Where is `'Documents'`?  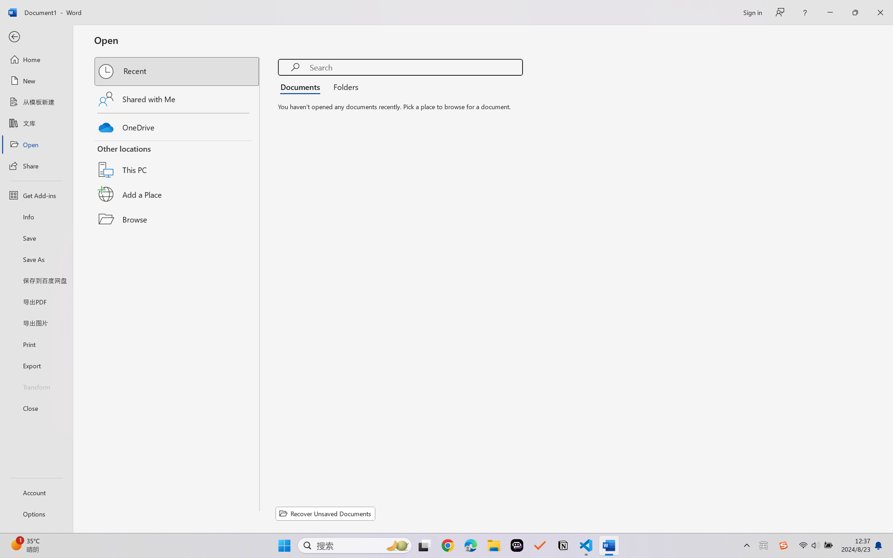
'Documents' is located at coordinates (302, 86).